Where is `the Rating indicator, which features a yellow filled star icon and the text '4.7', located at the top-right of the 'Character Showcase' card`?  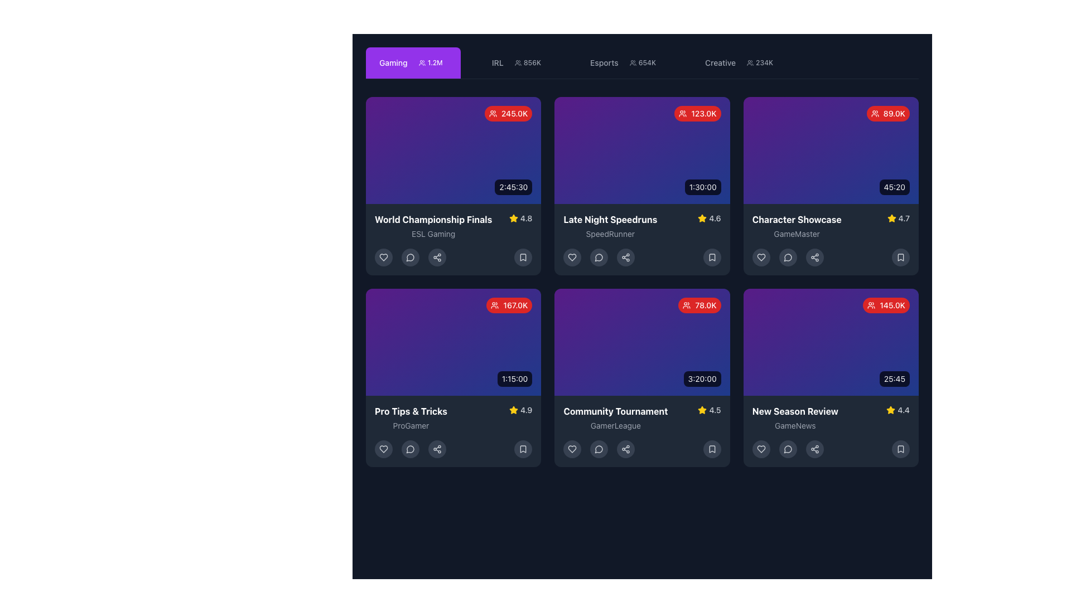
the Rating indicator, which features a yellow filled star icon and the text '4.7', located at the top-right of the 'Character Showcase' card is located at coordinates (898, 219).